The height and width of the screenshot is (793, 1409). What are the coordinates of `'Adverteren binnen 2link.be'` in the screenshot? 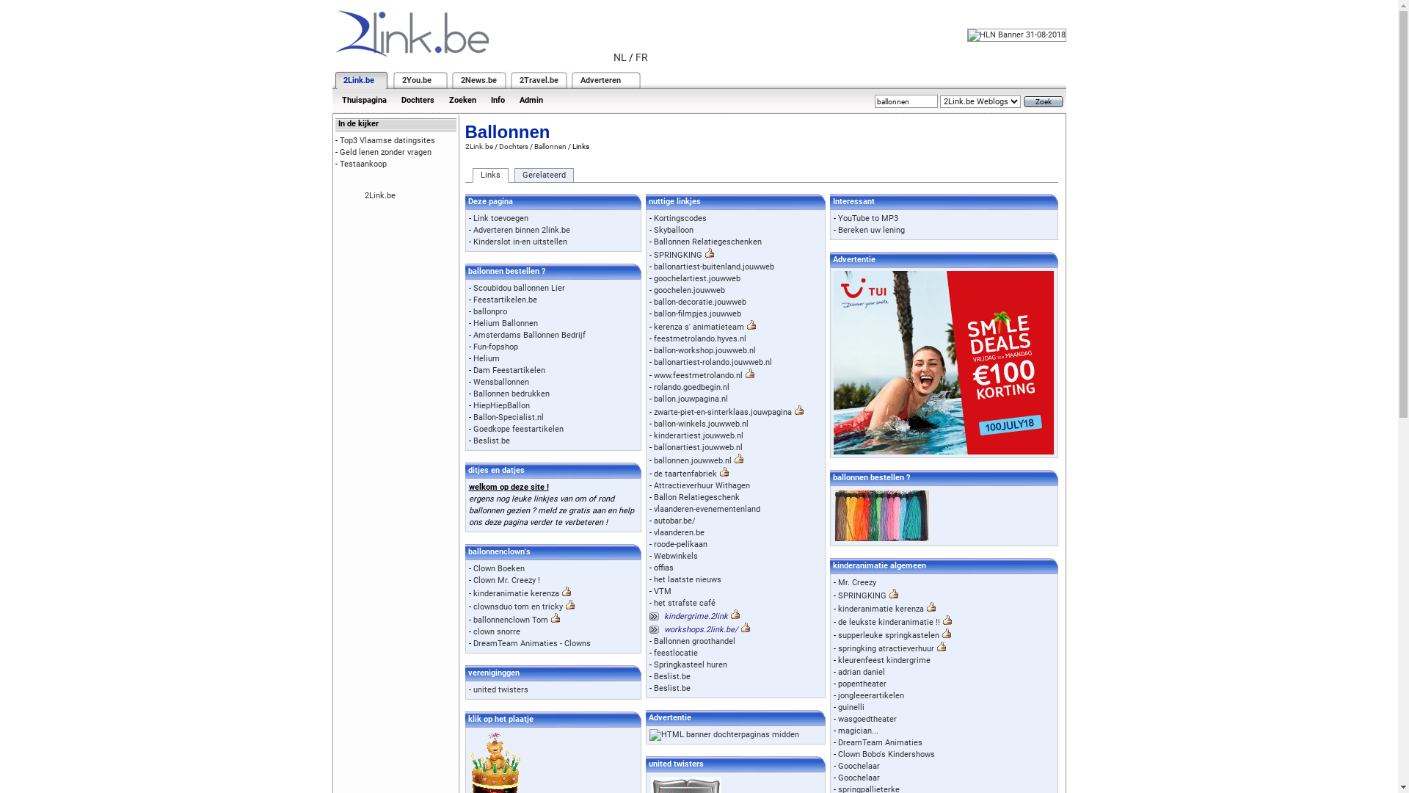 It's located at (521, 230).